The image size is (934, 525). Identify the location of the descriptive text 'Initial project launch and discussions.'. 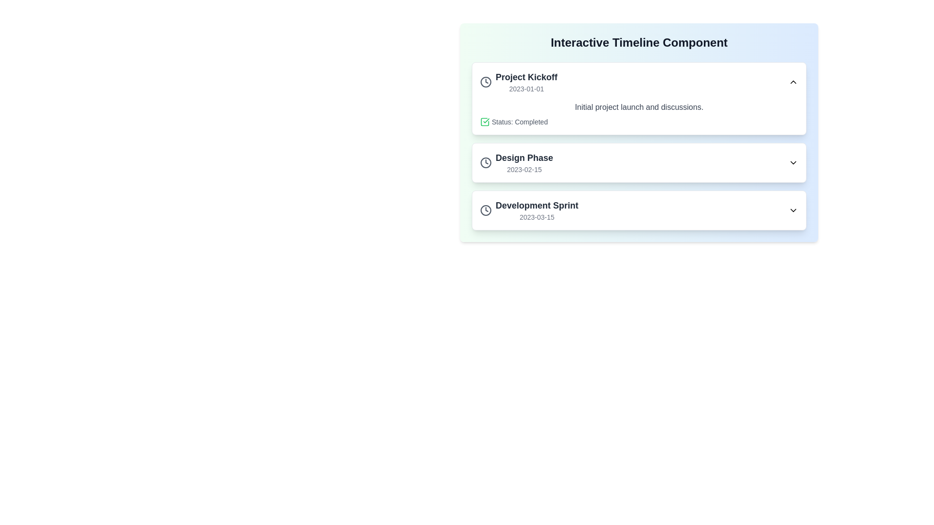
(639, 114).